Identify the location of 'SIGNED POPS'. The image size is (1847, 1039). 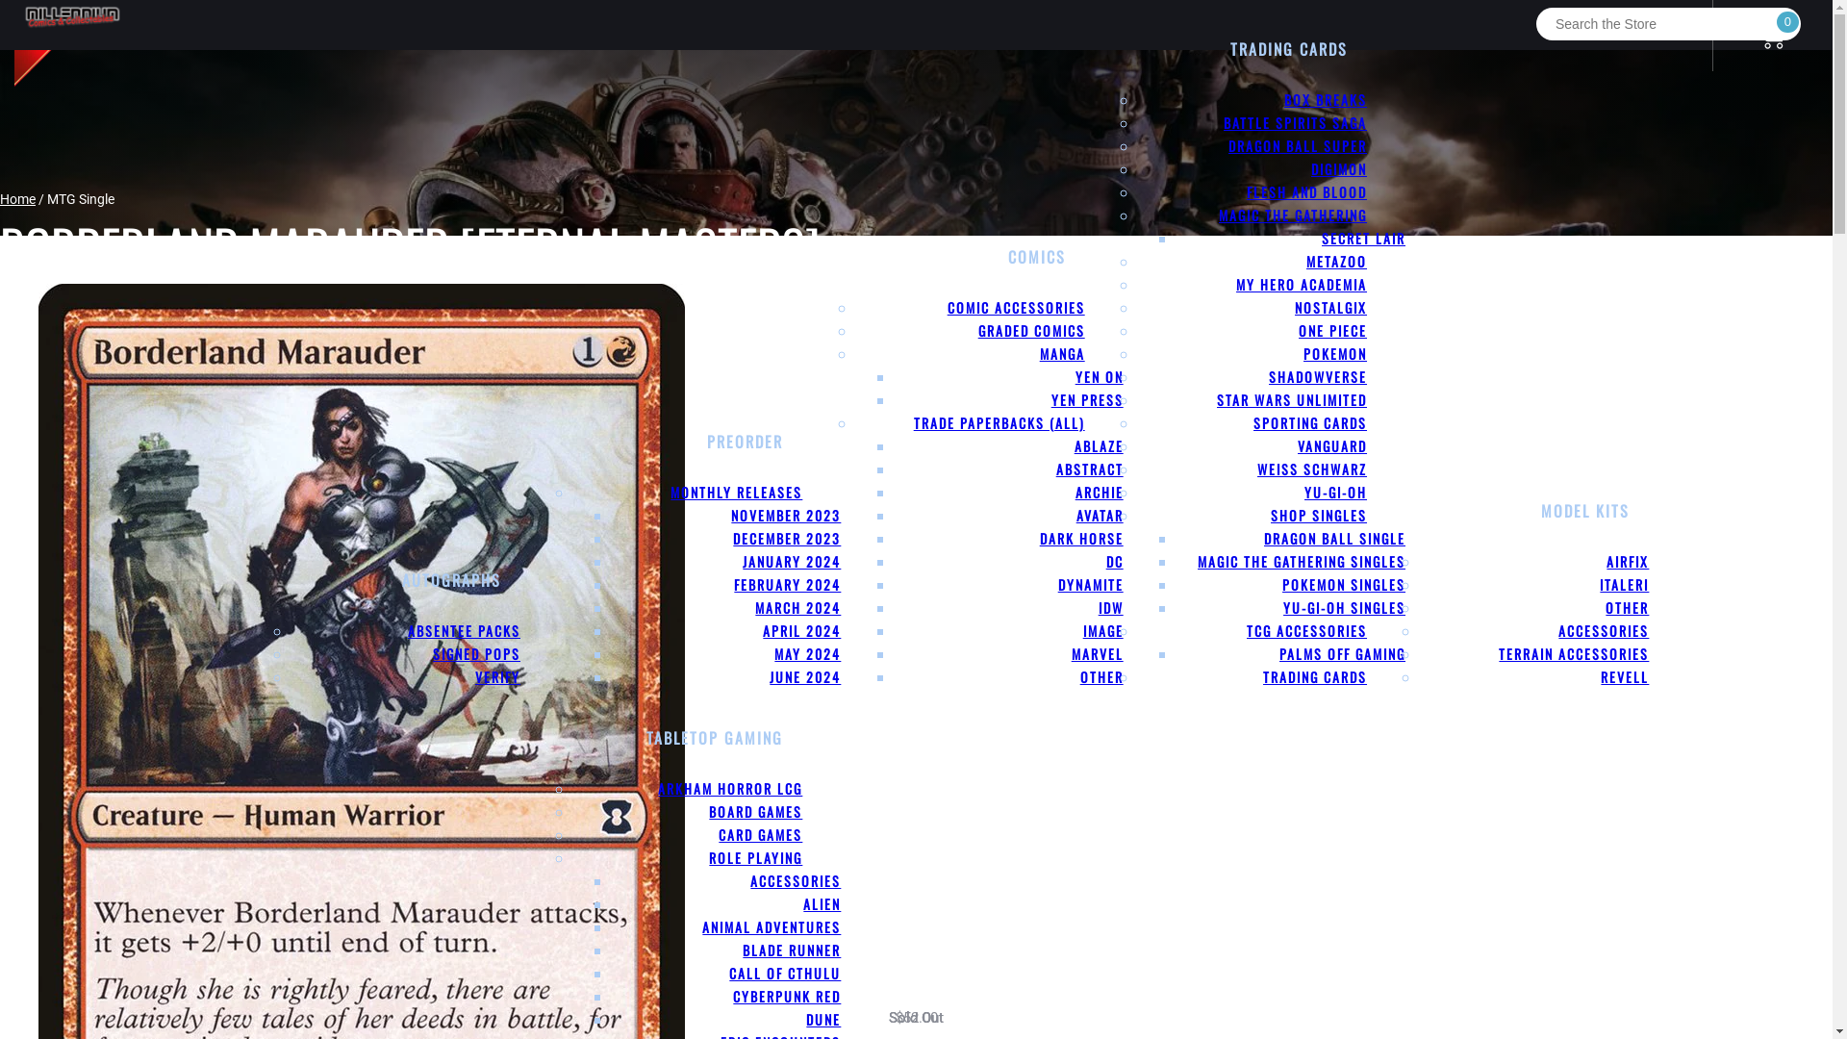
(476, 652).